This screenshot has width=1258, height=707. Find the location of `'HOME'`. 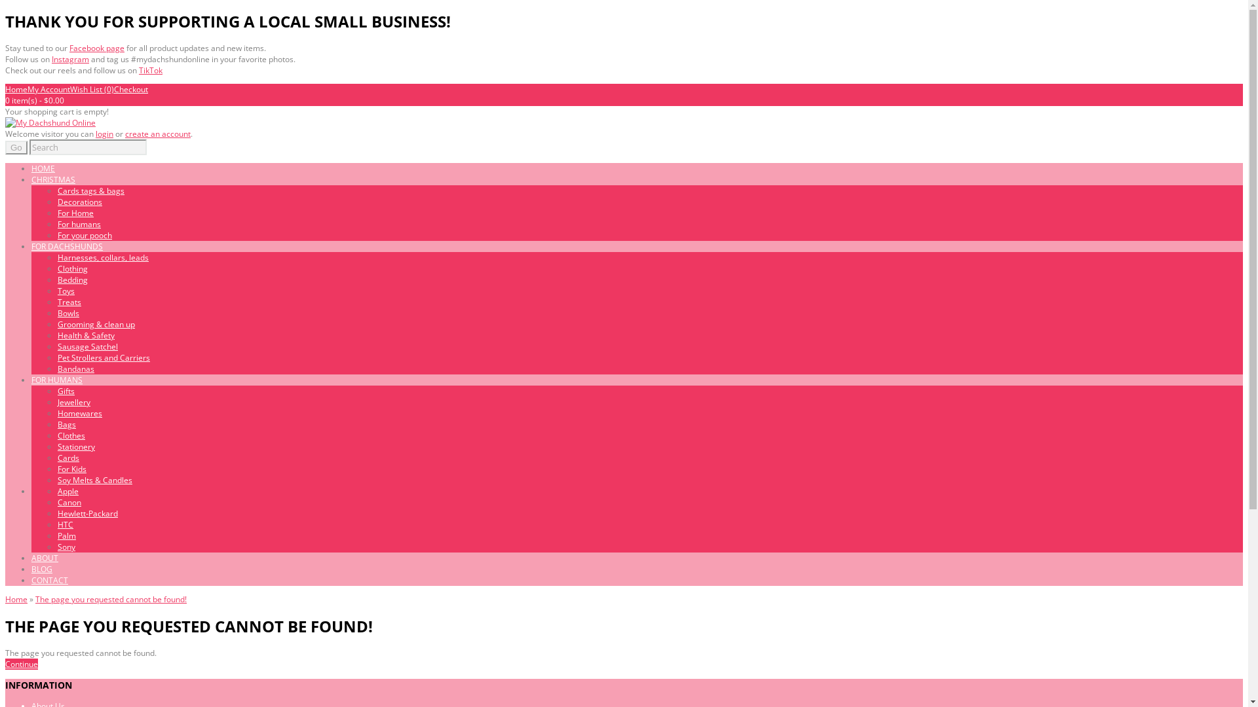

'HOME' is located at coordinates (43, 168).